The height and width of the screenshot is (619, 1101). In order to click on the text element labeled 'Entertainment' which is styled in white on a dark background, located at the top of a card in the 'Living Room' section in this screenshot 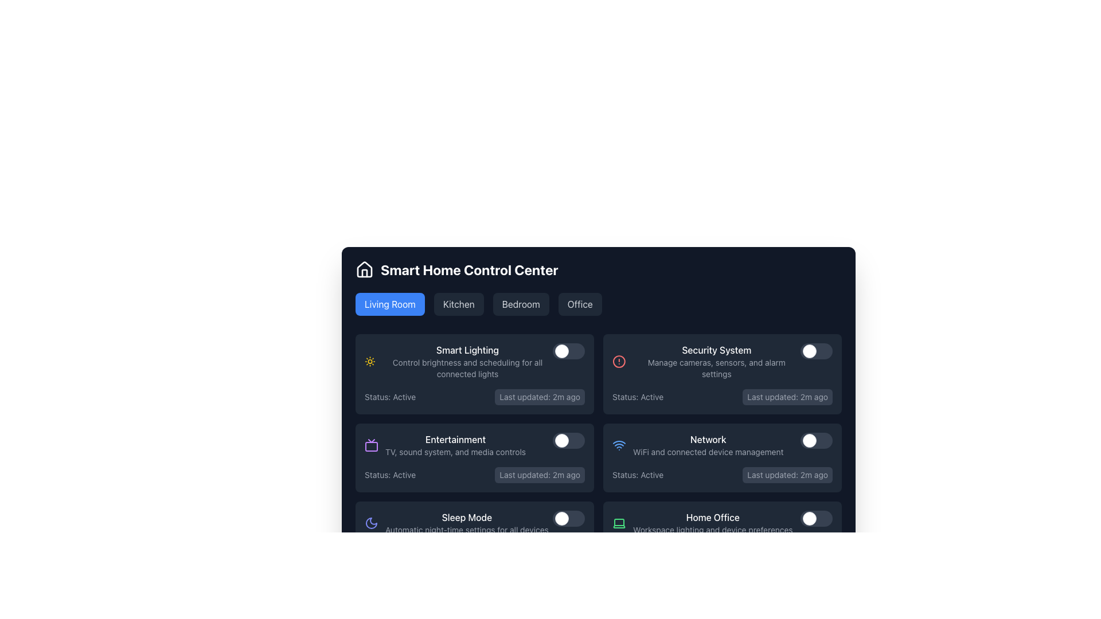, I will do `click(455, 439)`.